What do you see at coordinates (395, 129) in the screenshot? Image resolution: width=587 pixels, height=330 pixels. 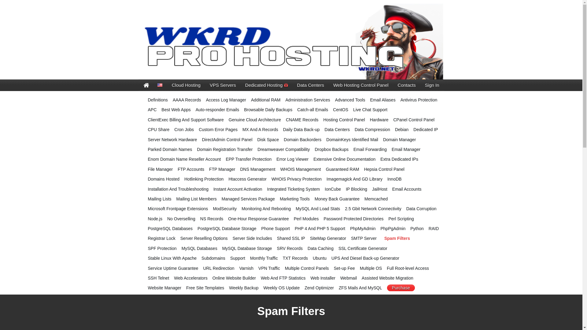 I see `'Debian'` at bounding box center [395, 129].